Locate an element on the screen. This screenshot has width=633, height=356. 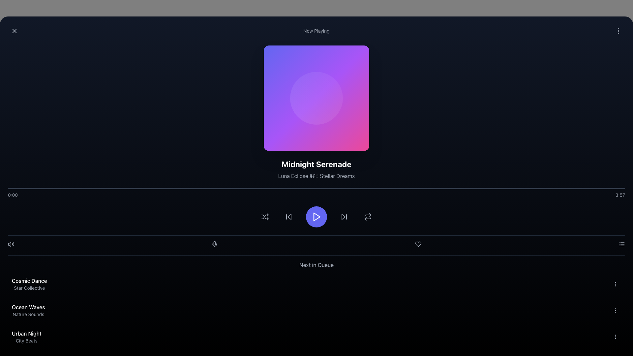
the title label that is positioned above the text label 'Luna Eclipse â¢ Stellar Dreams' and below a square image is located at coordinates (316, 163).